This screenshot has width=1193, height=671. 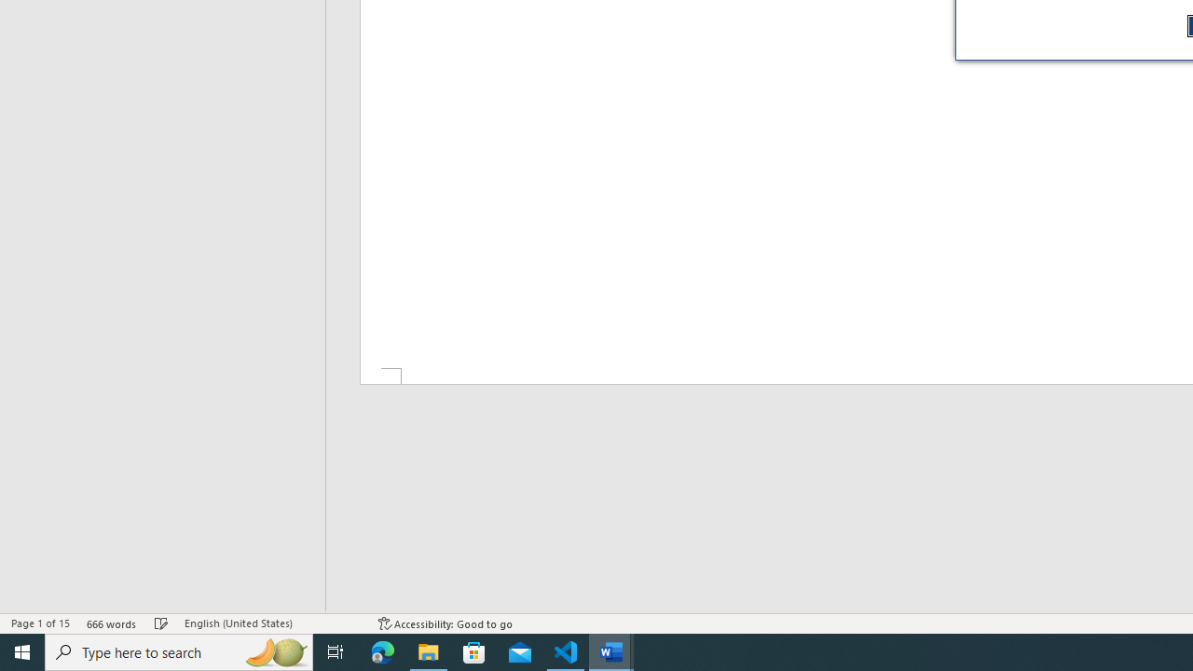 What do you see at coordinates (111, 623) in the screenshot?
I see `'Word Count 666 words'` at bounding box center [111, 623].